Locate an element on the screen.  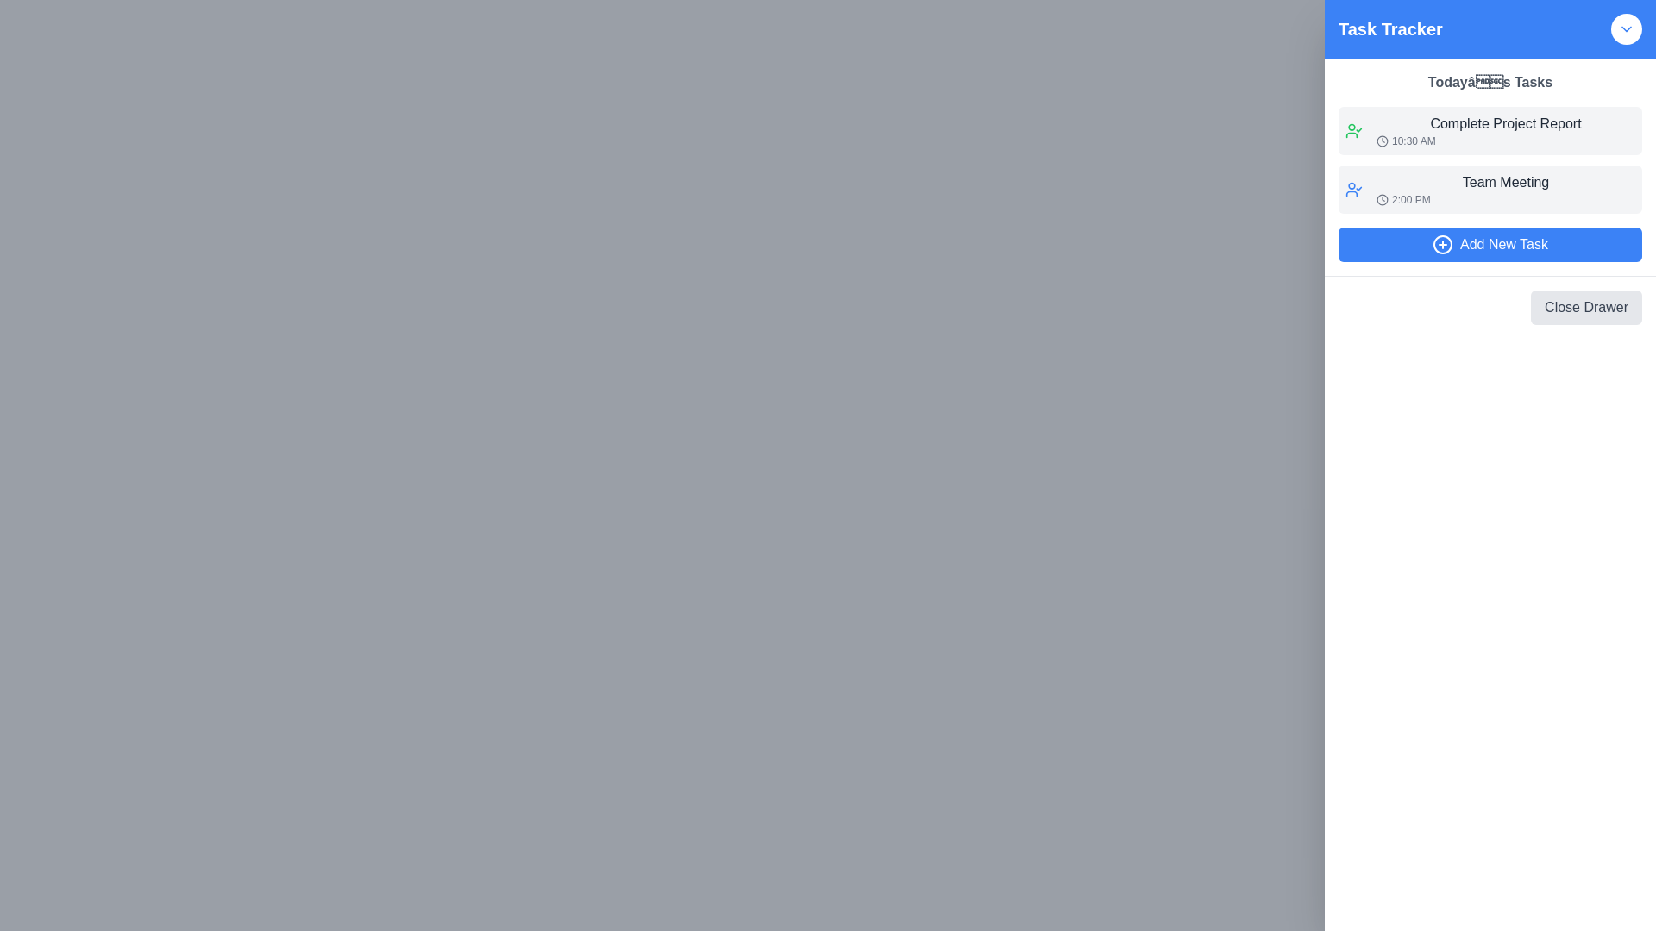
the time icon located to the left of the time text '2:00 PM' in the second item of the task list labeled 'Team Meeting' is located at coordinates (1383, 198).